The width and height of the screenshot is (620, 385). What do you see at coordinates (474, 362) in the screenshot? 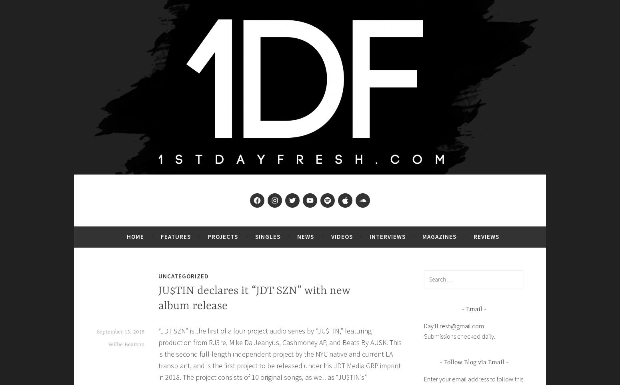
I see `'Follow Blog via Email'` at bounding box center [474, 362].